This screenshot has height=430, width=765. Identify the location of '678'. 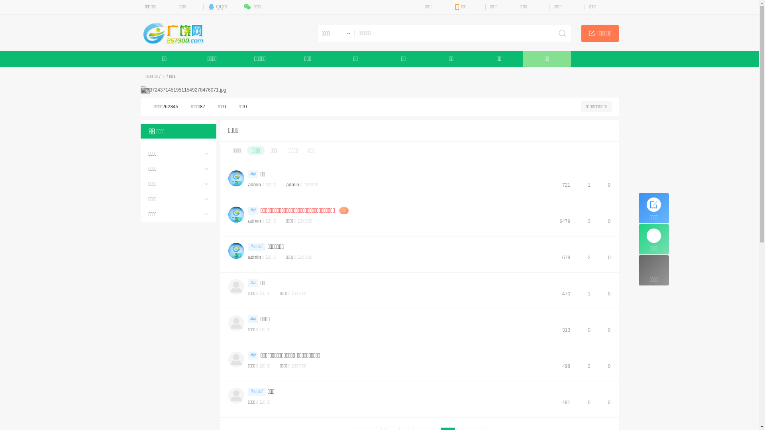
(562, 258).